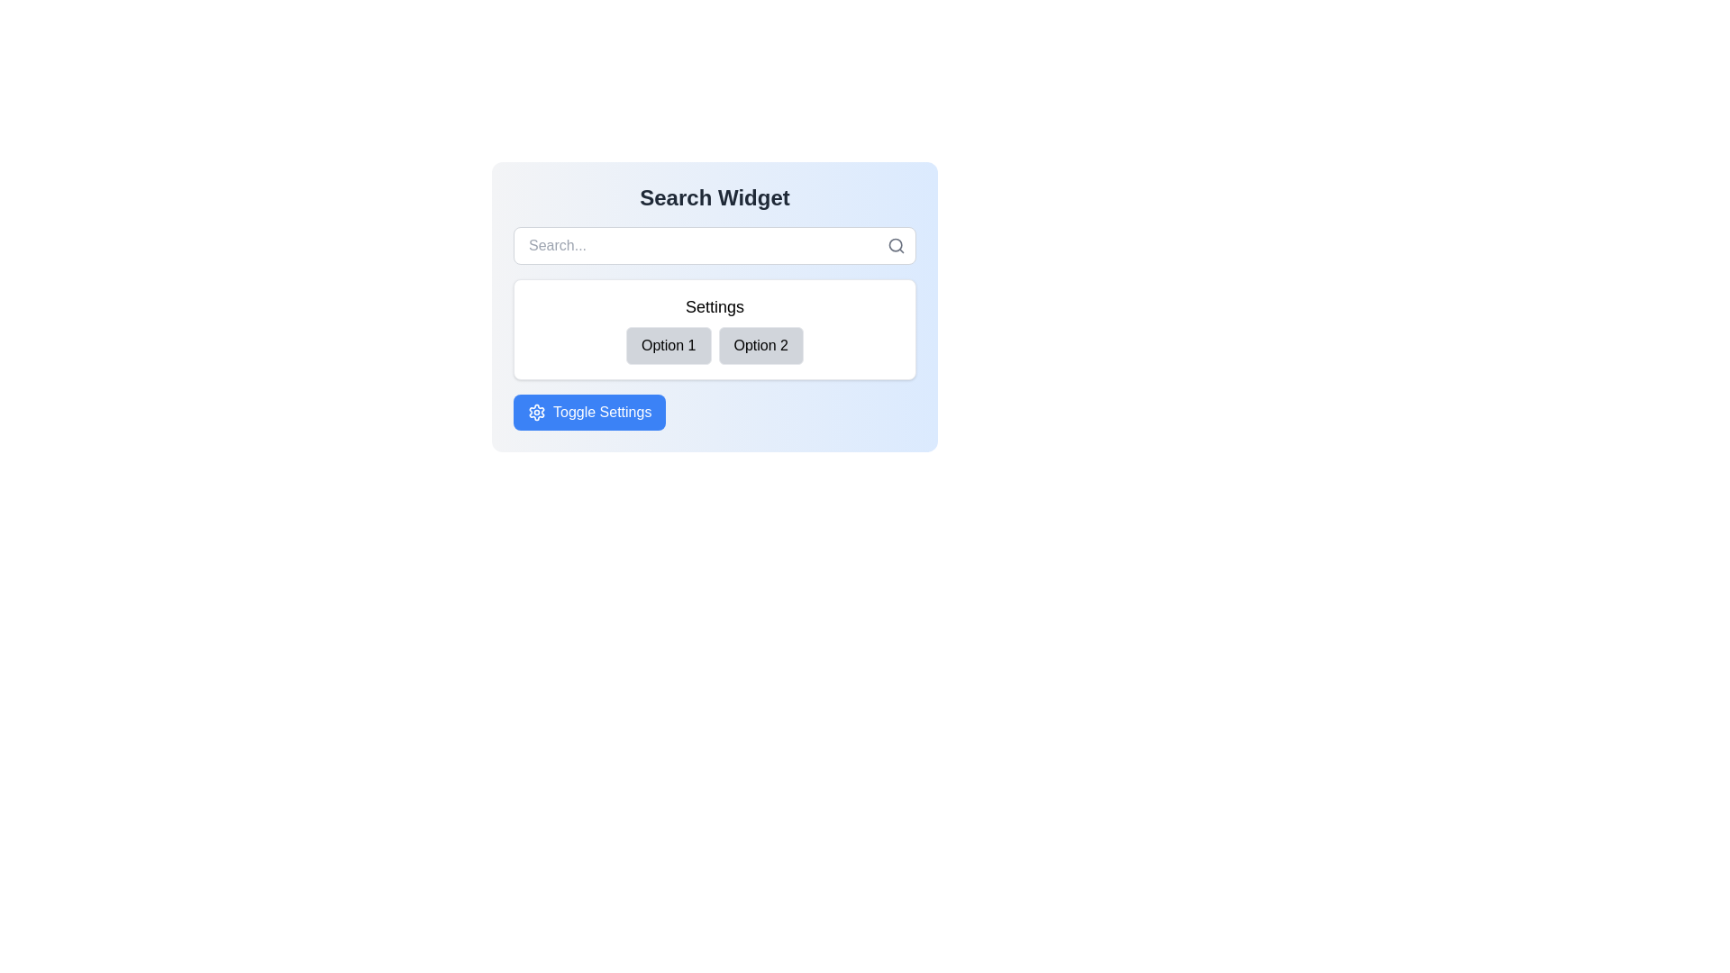  I want to click on the small hollow circle that is part of the magnifying glass icon, located to the right of the search input field, so click(896, 245).